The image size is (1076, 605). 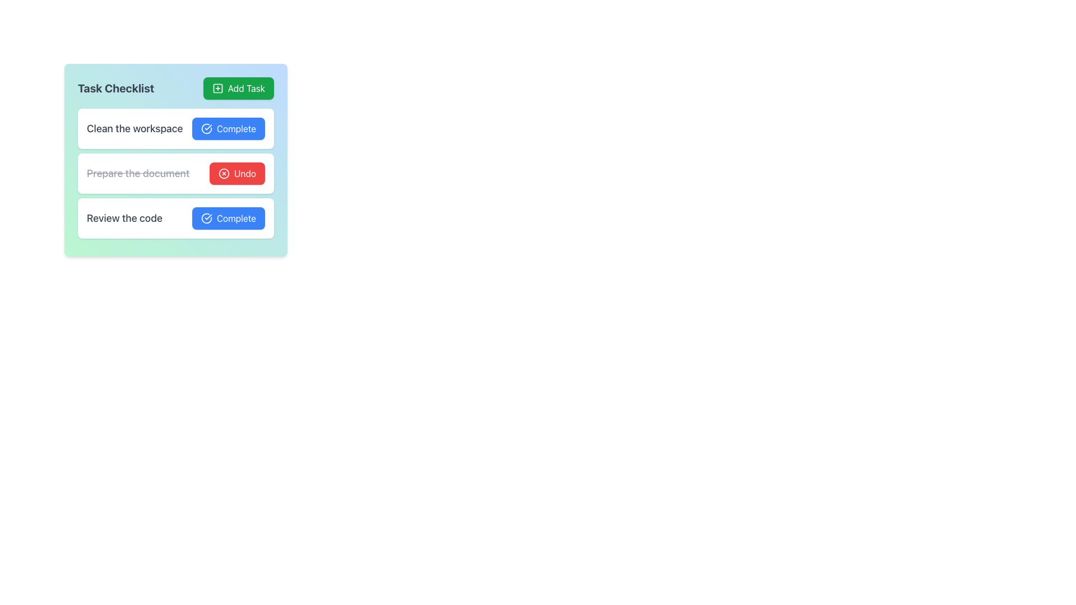 What do you see at coordinates (175, 128) in the screenshot?
I see `the first task item in the checklist labeled 'Clean the workspace'` at bounding box center [175, 128].